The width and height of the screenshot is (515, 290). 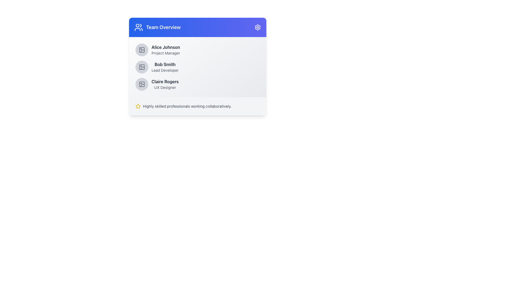 I want to click on the team icon located in the top header section, which visually represents the concept of a team or group, preceding the 'Team Overview' text, so click(x=139, y=27).